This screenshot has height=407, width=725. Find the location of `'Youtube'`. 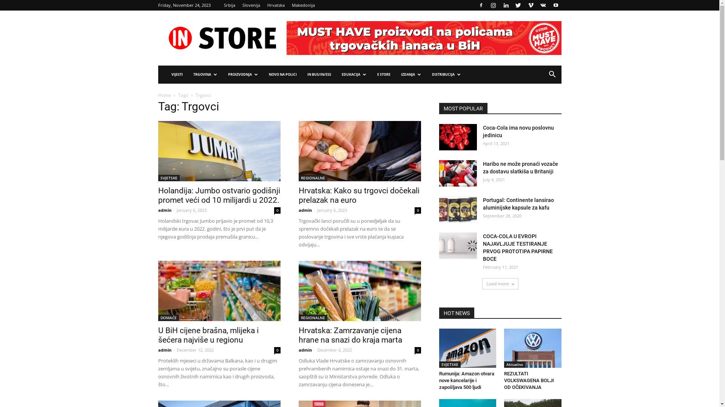

'Youtube' is located at coordinates (555, 5).